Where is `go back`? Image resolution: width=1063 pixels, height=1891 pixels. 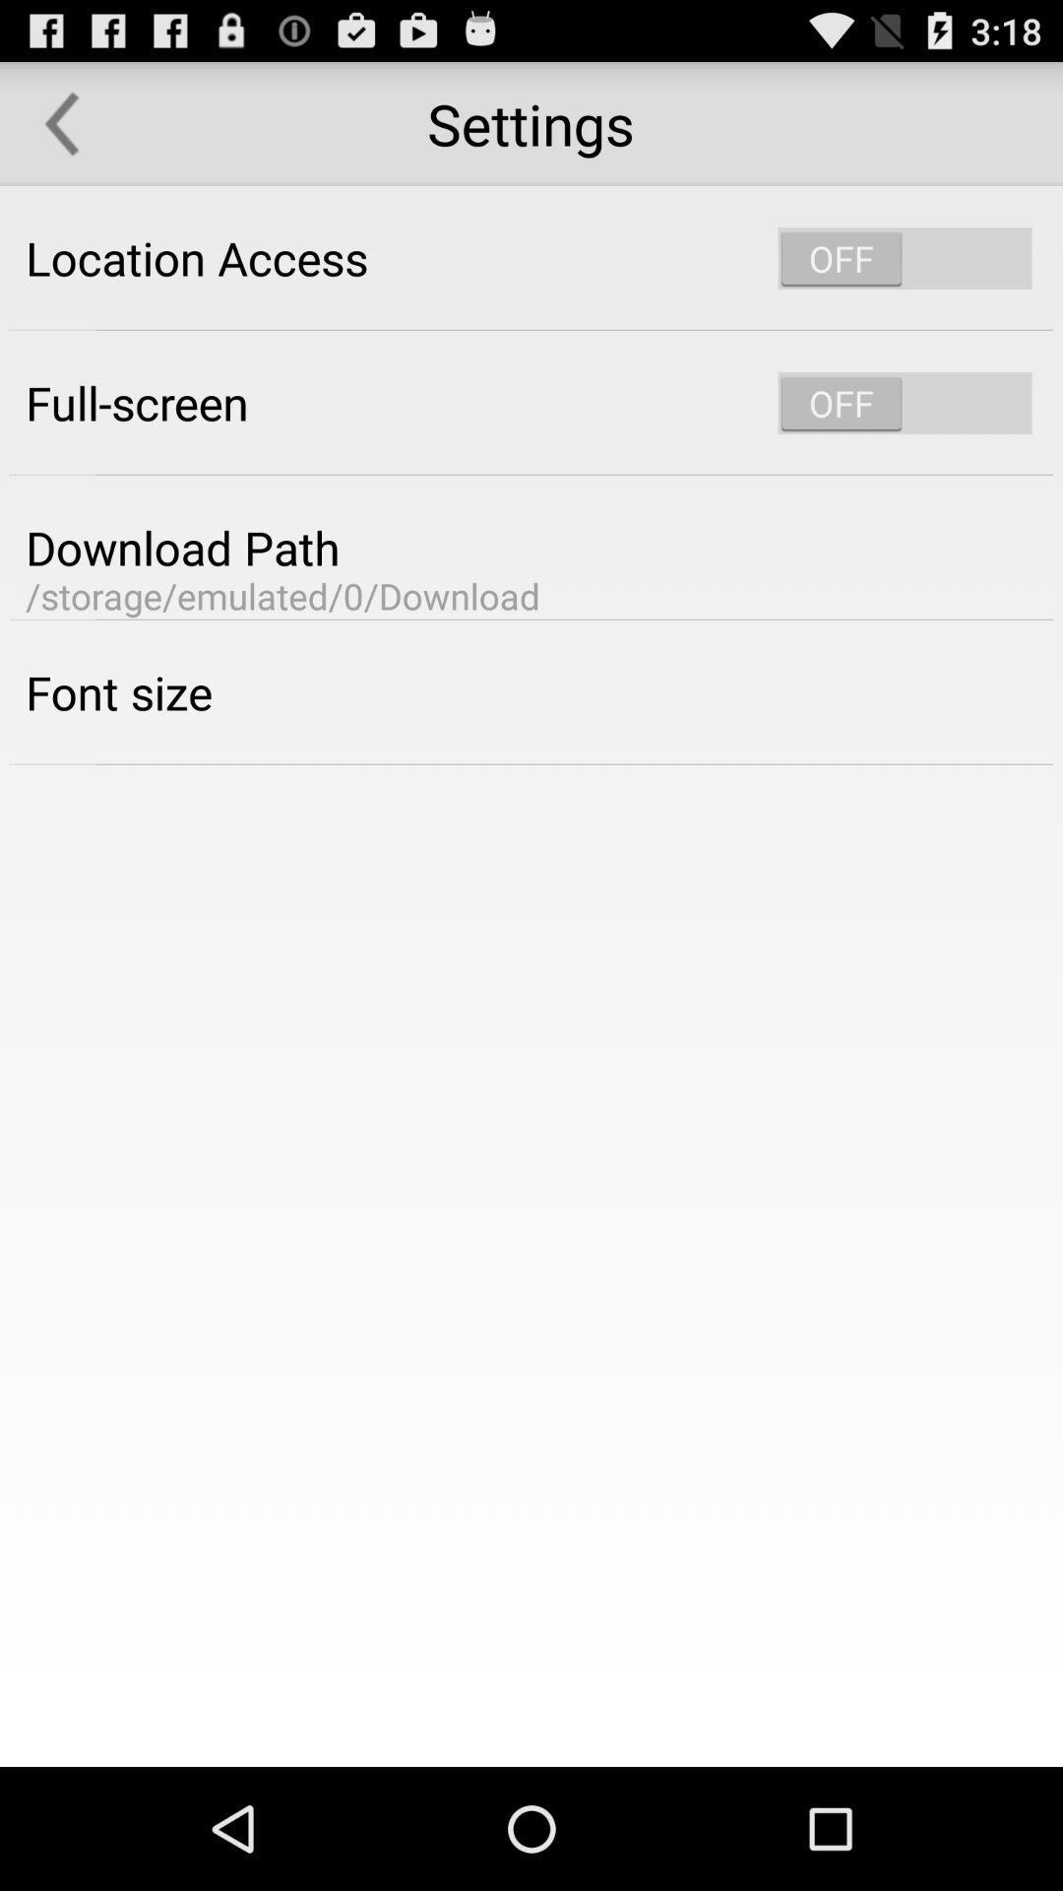
go back is located at coordinates (60, 122).